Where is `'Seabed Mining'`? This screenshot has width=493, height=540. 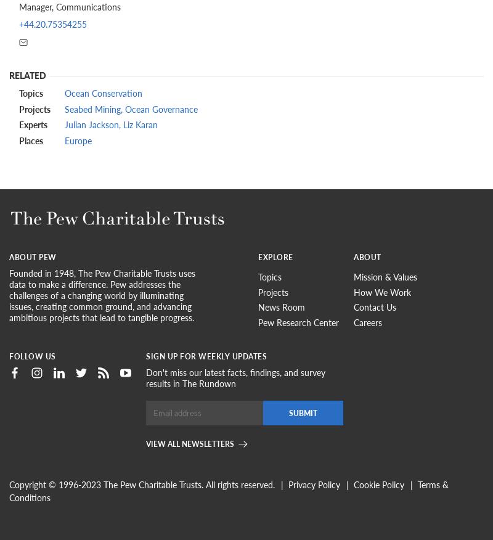
'Seabed Mining' is located at coordinates (92, 108).